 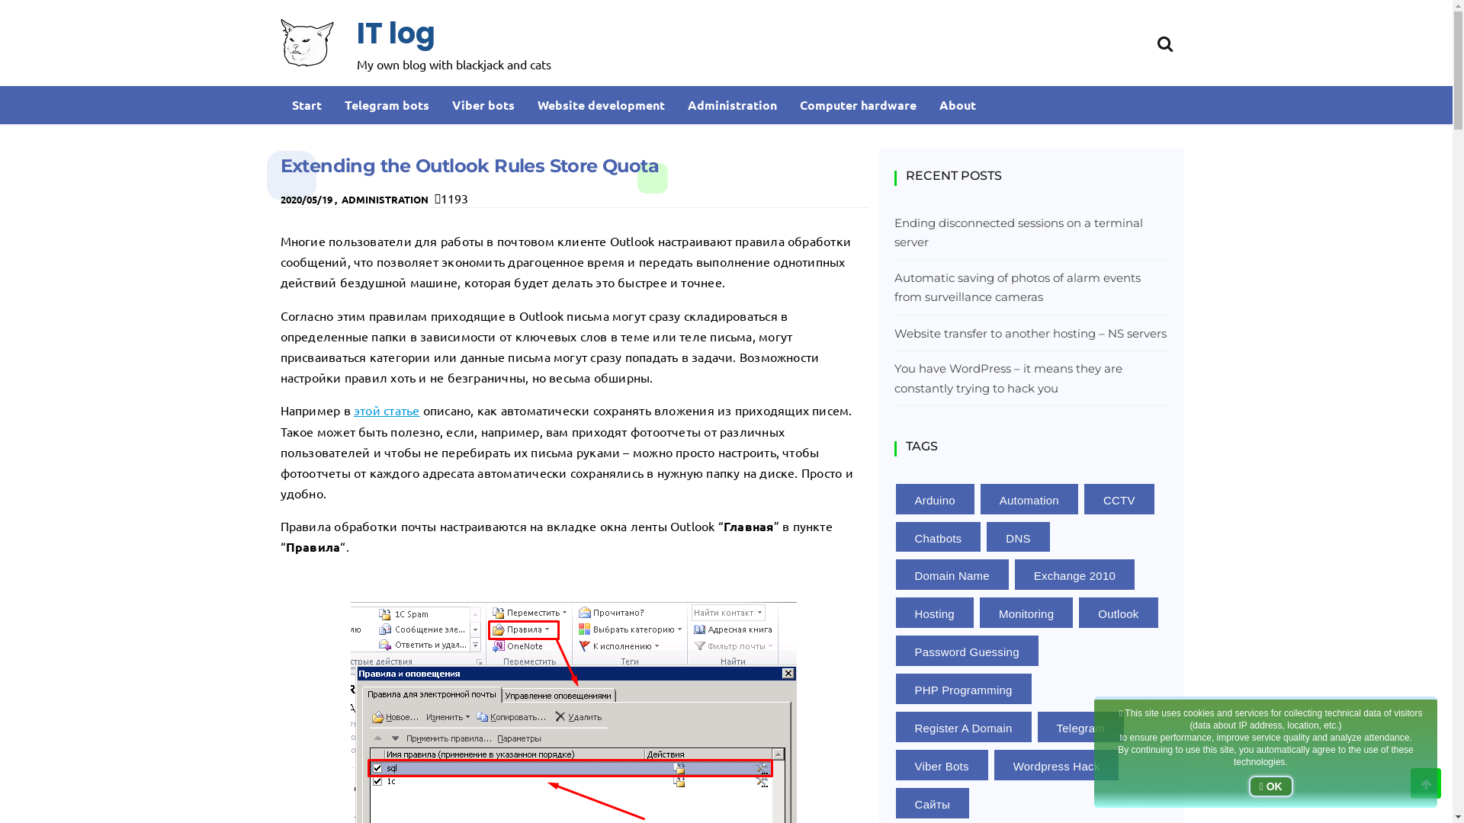 What do you see at coordinates (951, 574) in the screenshot?
I see `'Domain Name'` at bounding box center [951, 574].